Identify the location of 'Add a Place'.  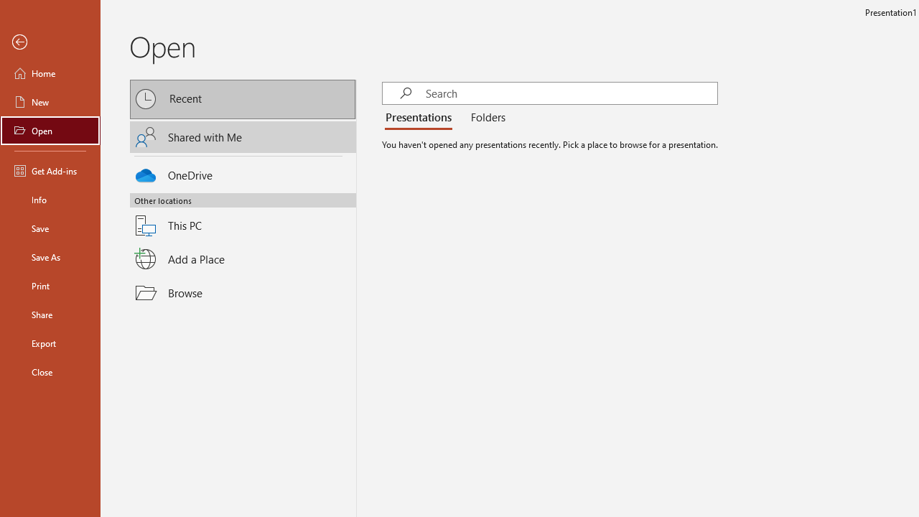
(243, 259).